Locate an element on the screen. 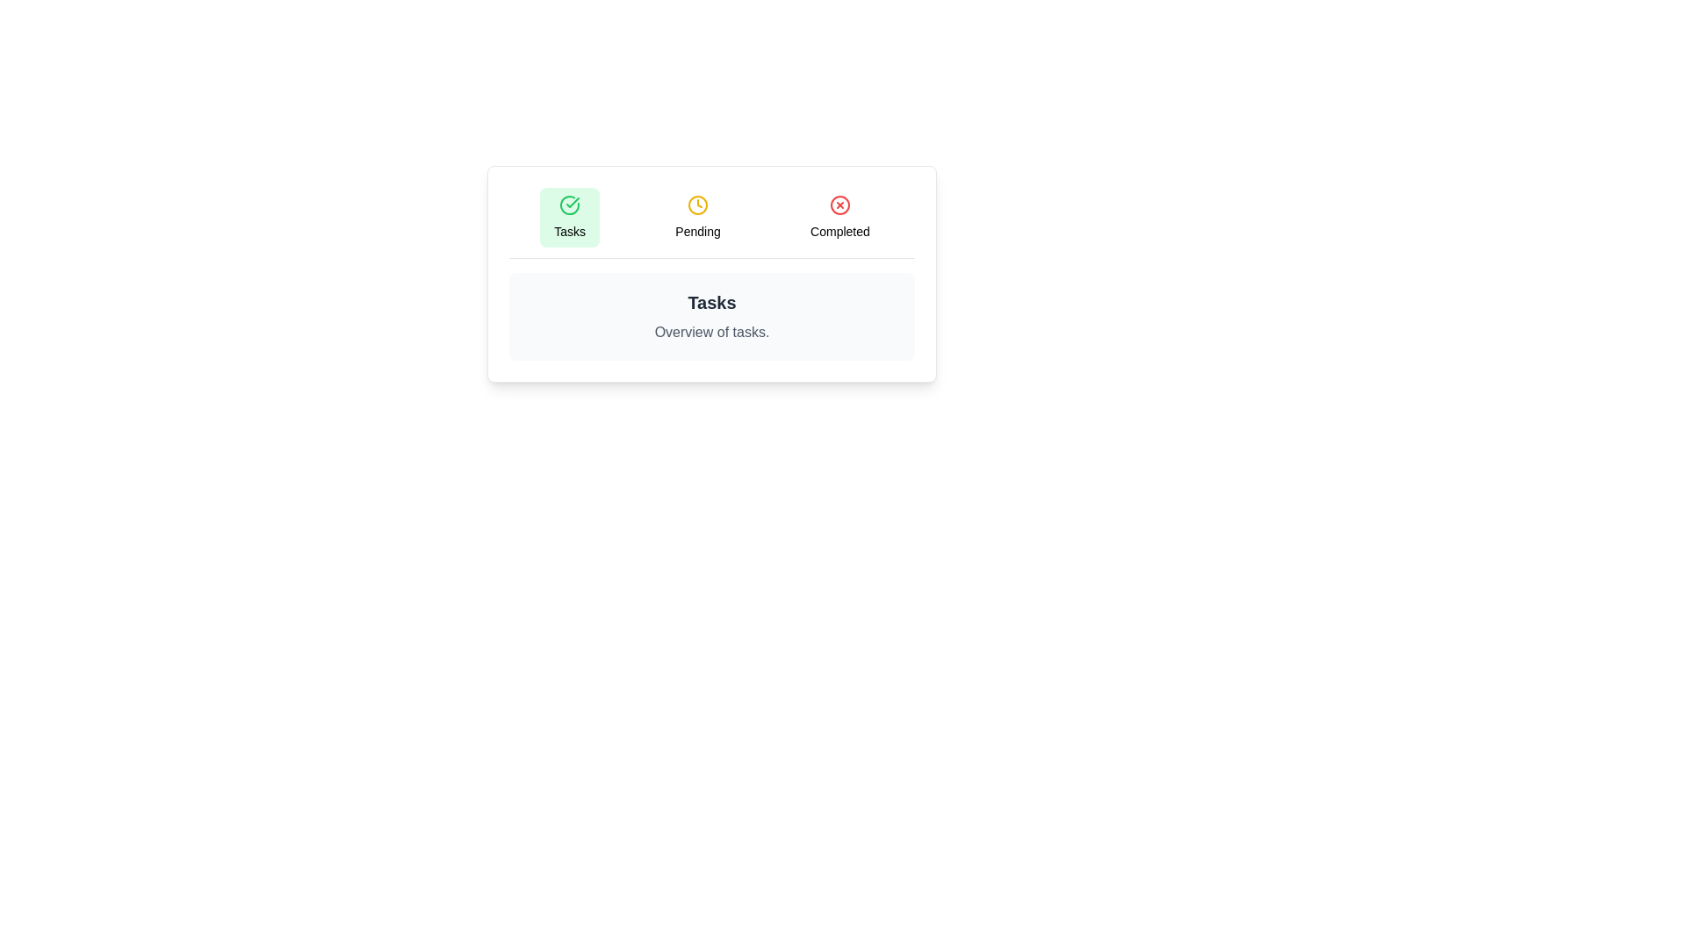 Image resolution: width=1686 pixels, height=948 pixels. the tab labeled Pending is located at coordinates (697, 216).